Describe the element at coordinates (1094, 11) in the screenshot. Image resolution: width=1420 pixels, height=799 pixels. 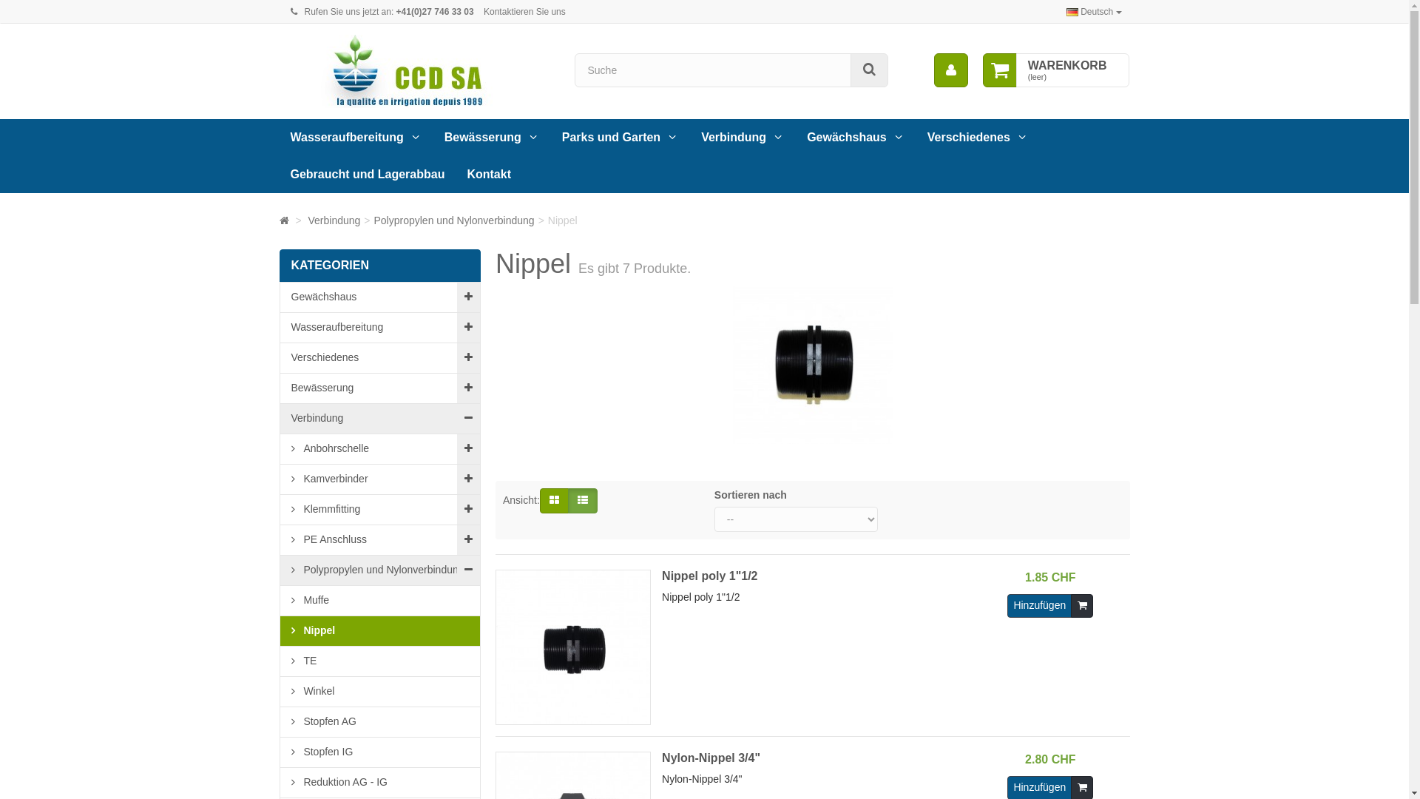
I see `'Deutsch'` at that location.